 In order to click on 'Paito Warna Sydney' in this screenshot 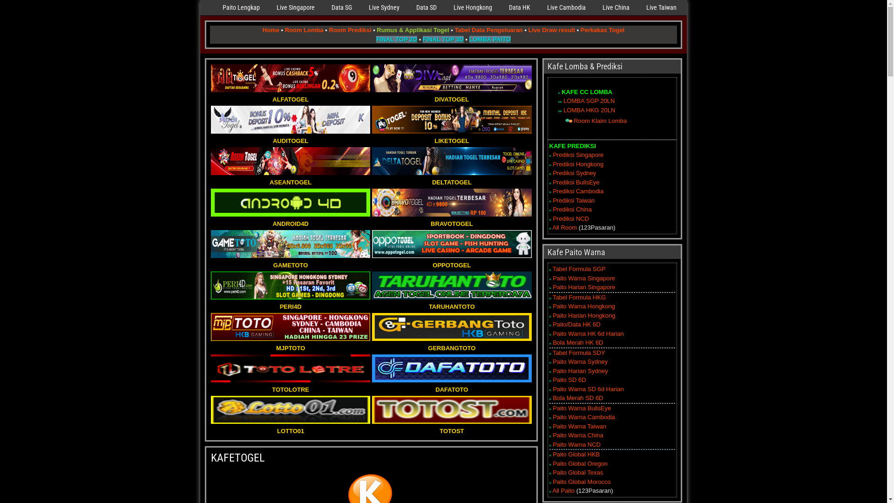, I will do `click(580, 361)`.